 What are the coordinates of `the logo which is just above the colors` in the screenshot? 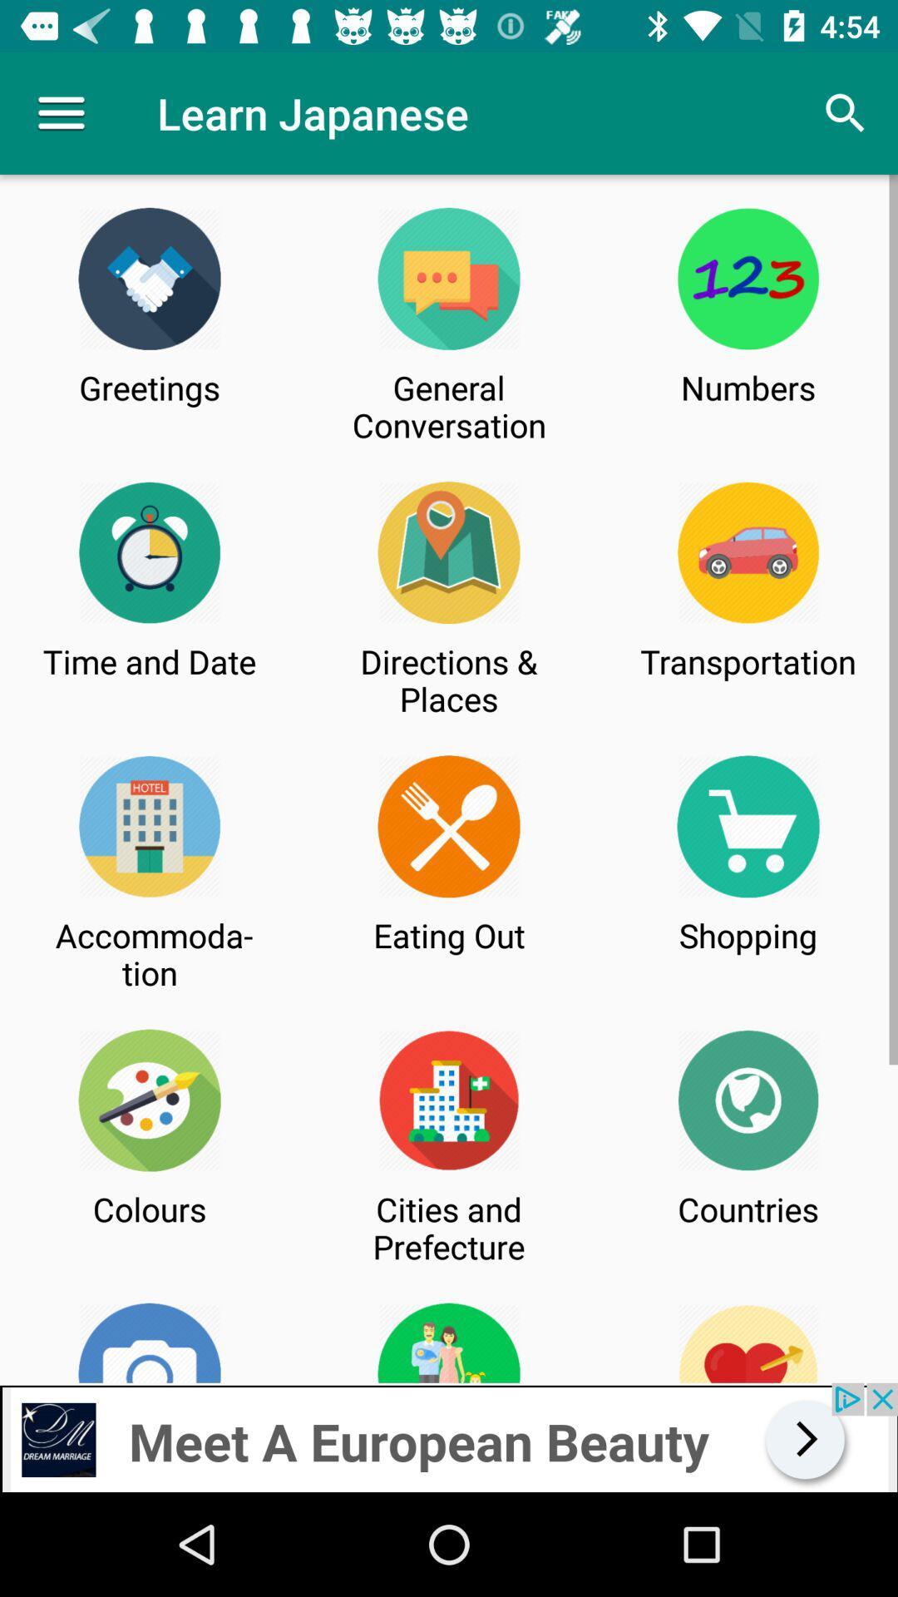 It's located at (150, 1100).